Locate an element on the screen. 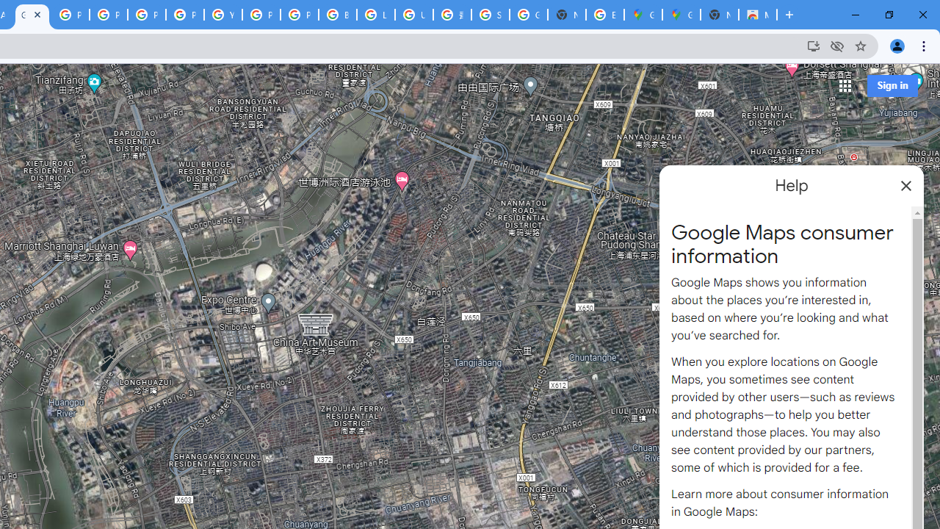  'New Tab' is located at coordinates (719, 15).